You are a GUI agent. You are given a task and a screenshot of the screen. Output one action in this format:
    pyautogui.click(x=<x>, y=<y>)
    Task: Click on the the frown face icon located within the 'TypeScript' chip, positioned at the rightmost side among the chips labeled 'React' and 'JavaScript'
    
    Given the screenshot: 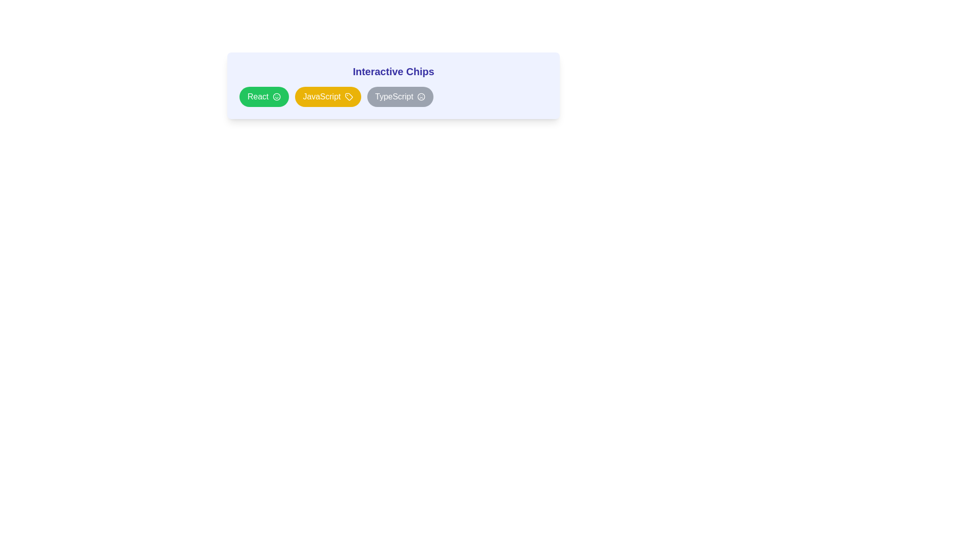 What is the action you would take?
    pyautogui.click(x=421, y=97)
    